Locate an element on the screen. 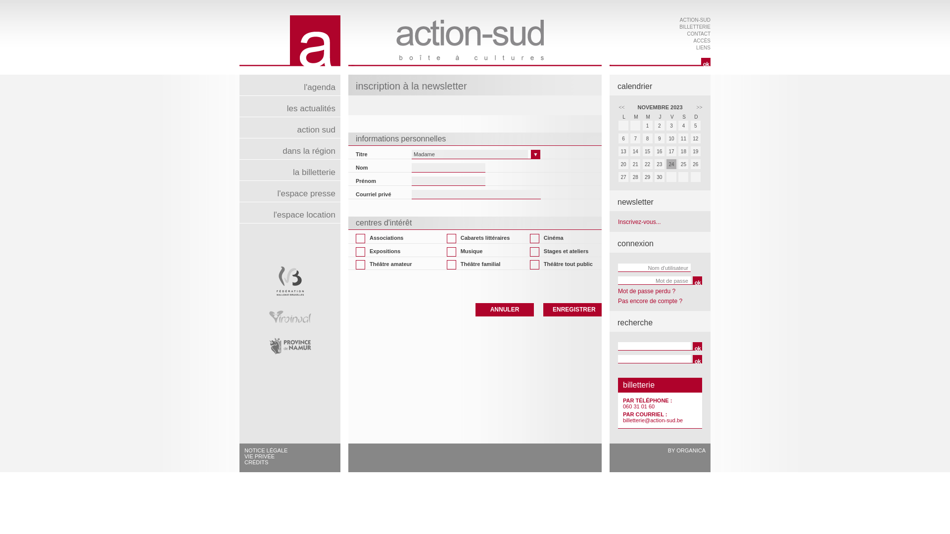 The height and width of the screenshot is (534, 950). 'ENREGISTRER' is located at coordinates (572, 309).